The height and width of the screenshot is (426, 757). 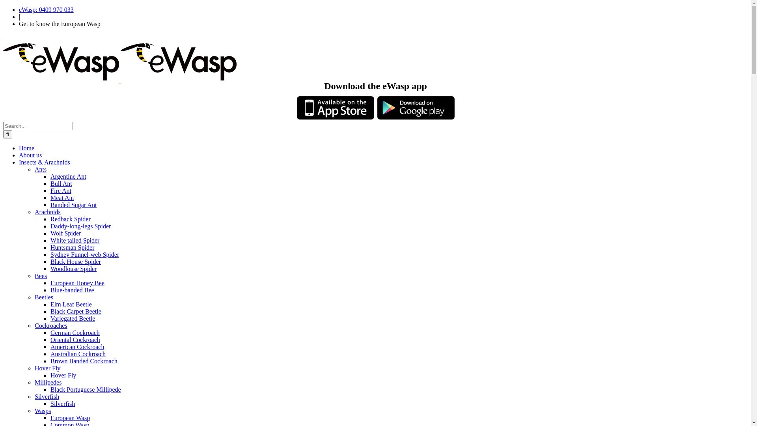 I want to click on 'Australian Cockroach', so click(x=78, y=353).